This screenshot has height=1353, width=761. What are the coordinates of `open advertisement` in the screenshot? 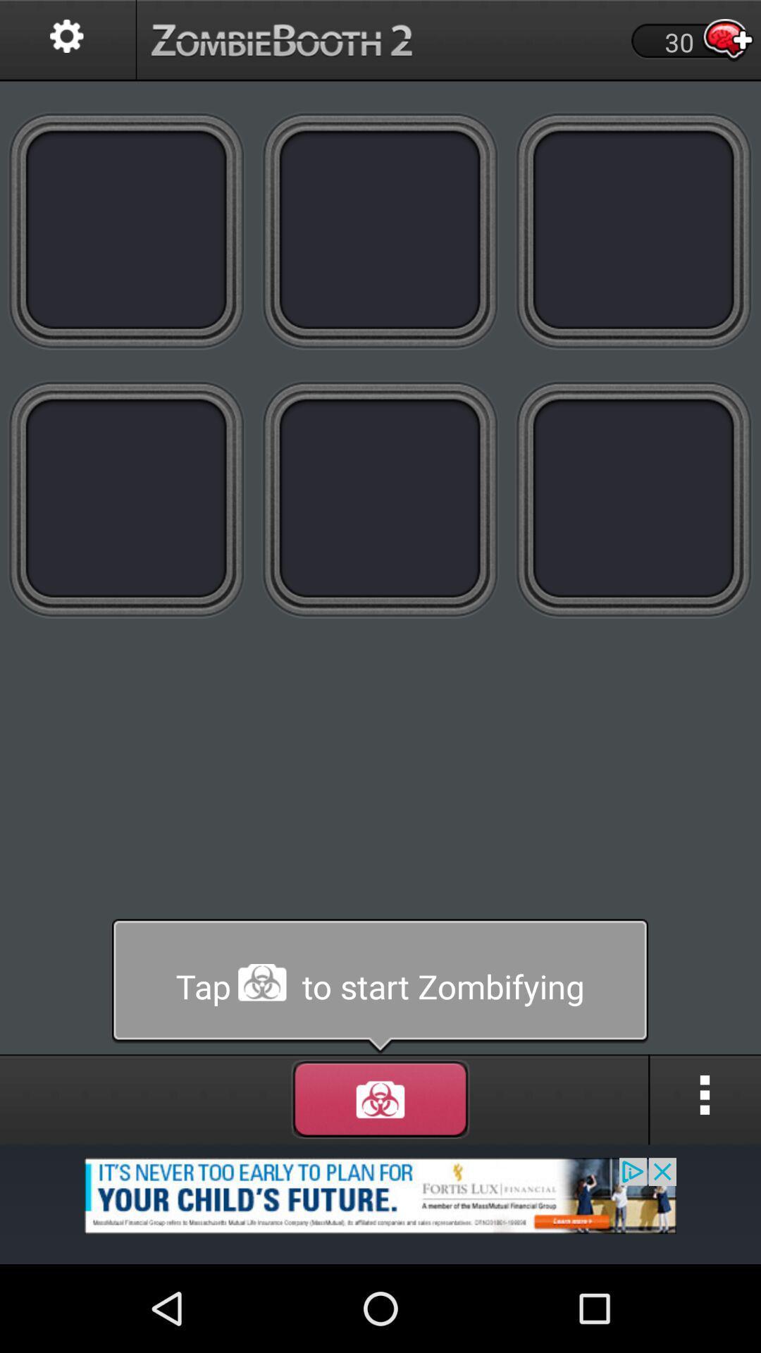 It's located at (380, 1203).